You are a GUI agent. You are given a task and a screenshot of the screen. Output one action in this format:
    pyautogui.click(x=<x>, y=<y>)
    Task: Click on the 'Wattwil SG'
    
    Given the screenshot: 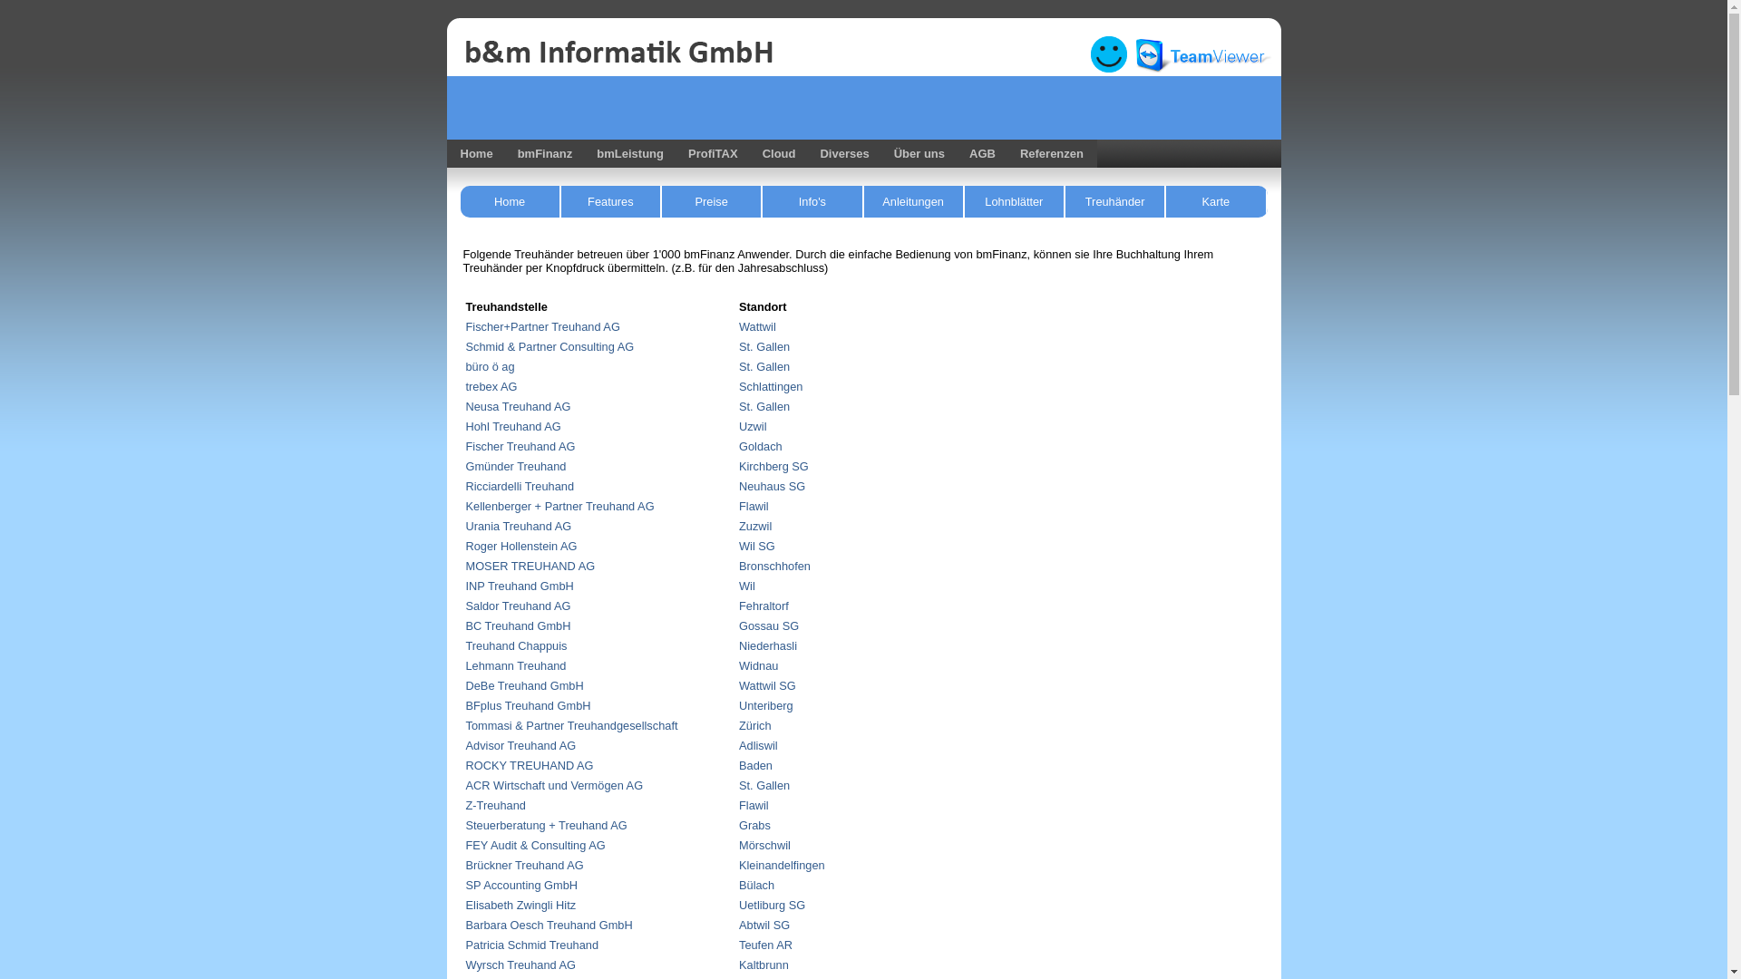 What is the action you would take?
    pyautogui.click(x=767, y=685)
    